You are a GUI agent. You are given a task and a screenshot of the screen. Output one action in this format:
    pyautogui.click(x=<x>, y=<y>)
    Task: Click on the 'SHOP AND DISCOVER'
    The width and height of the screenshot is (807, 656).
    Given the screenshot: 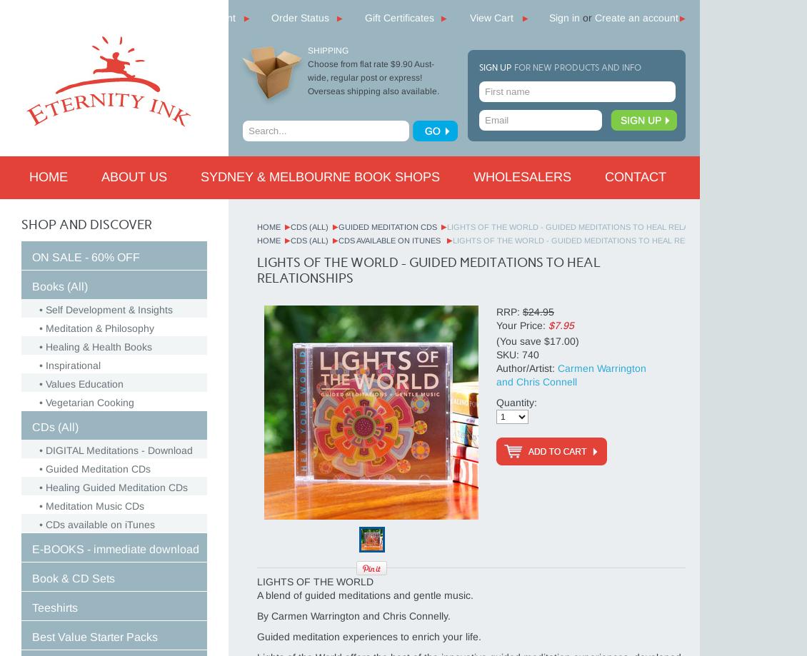 What is the action you would take?
    pyautogui.click(x=86, y=224)
    